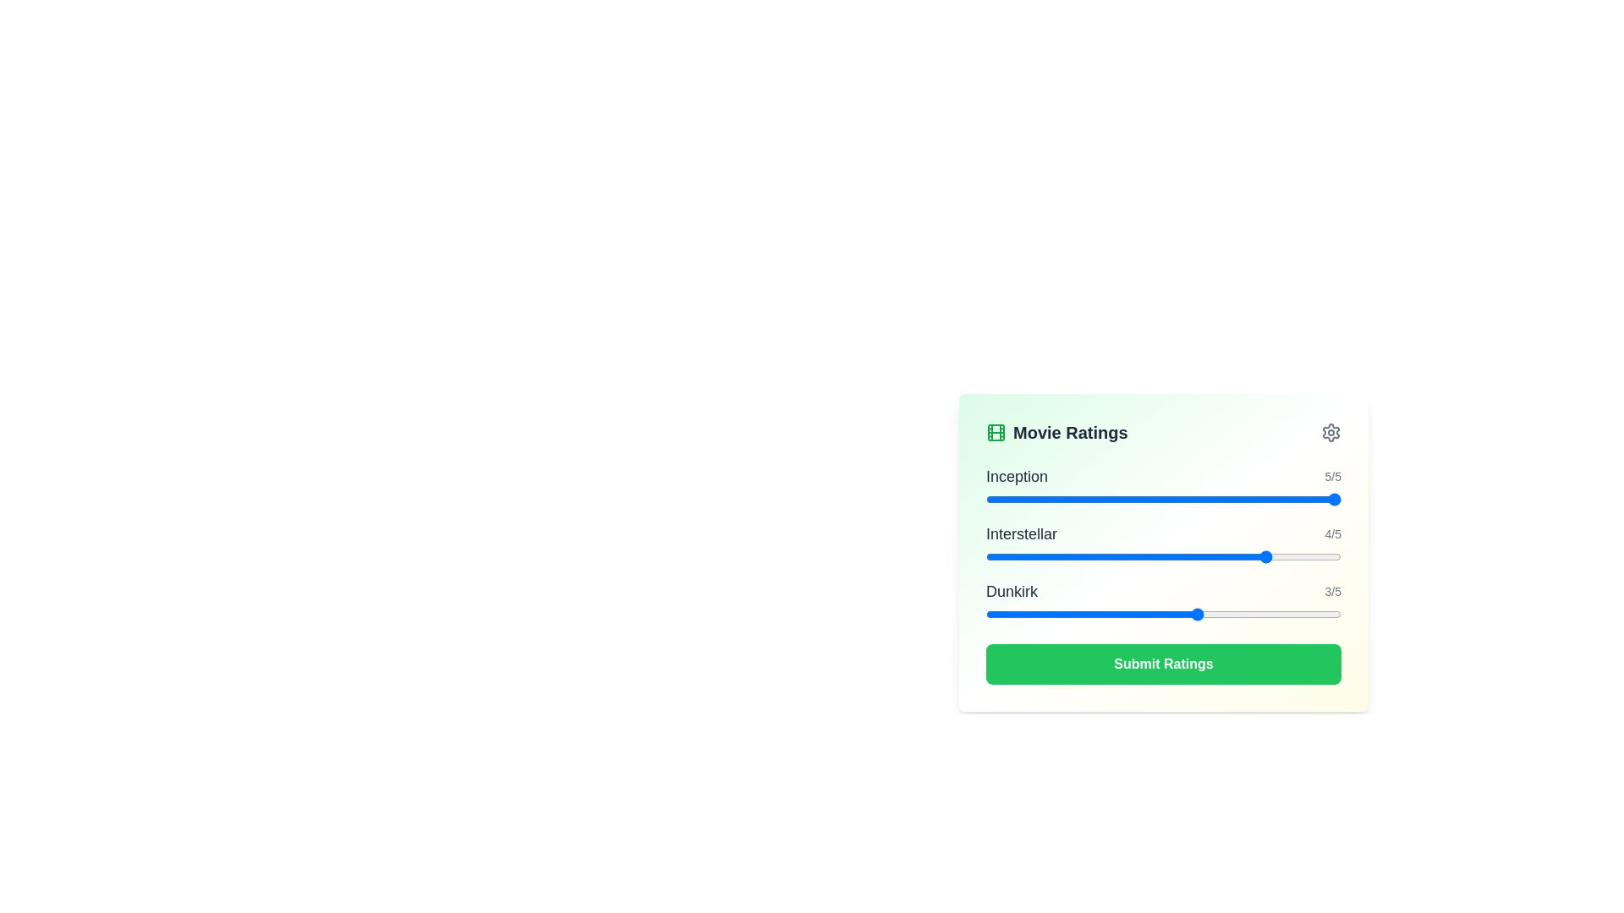 This screenshot has height=913, width=1624. Describe the element at coordinates (1128, 557) in the screenshot. I see `the rating for 'Interstellar'` at that location.